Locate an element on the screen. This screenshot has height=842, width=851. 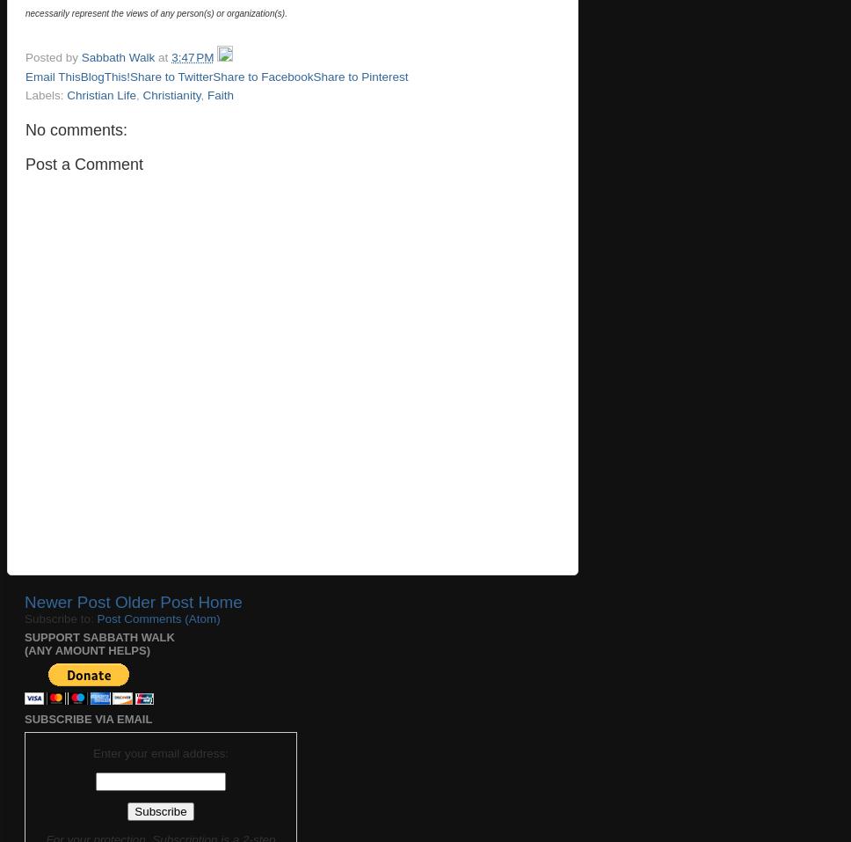
'Share to Facebook' is located at coordinates (213, 75).